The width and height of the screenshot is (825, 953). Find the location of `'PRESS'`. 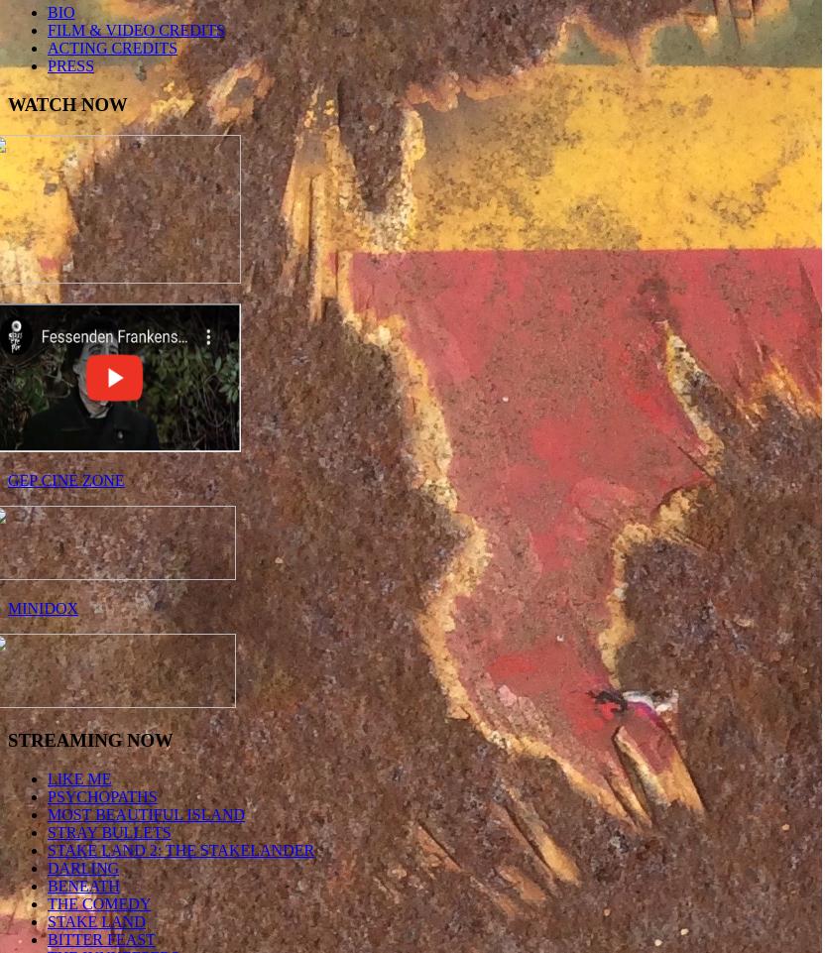

'PRESS' is located at coordinates (69, 65).